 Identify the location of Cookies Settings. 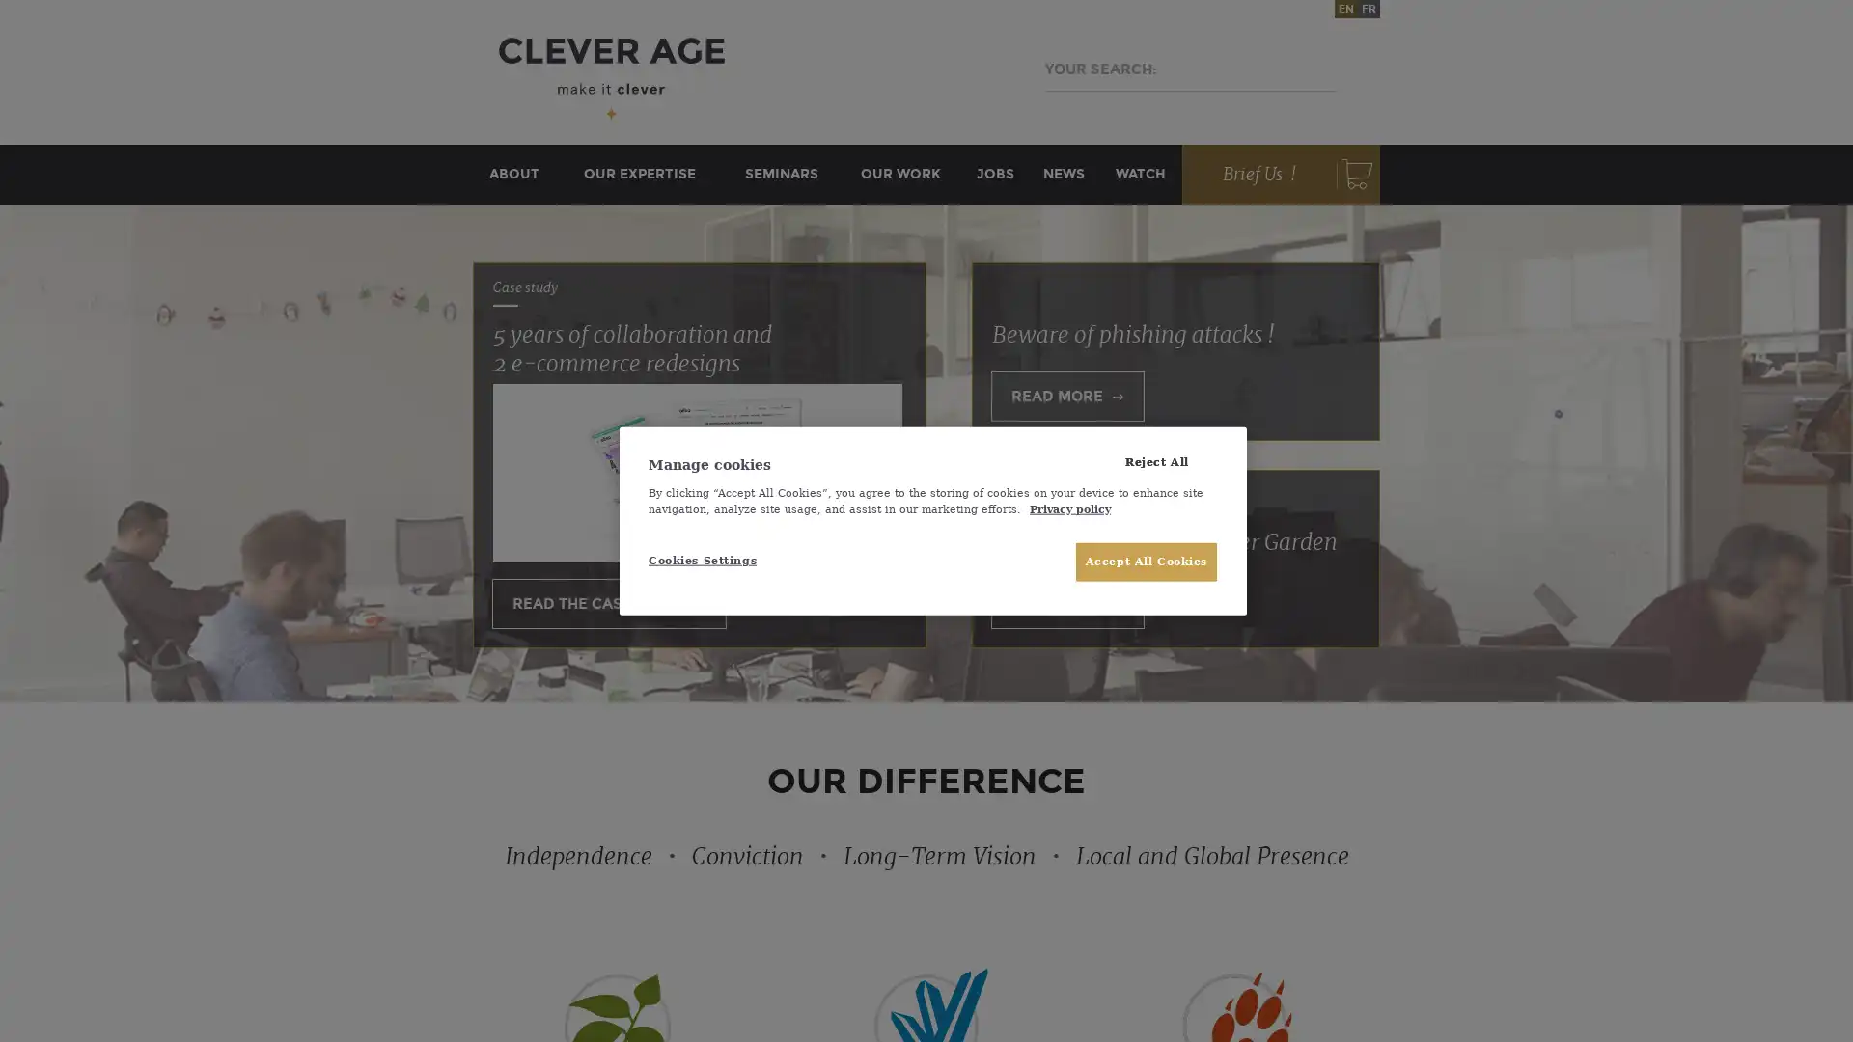
(712, 561).